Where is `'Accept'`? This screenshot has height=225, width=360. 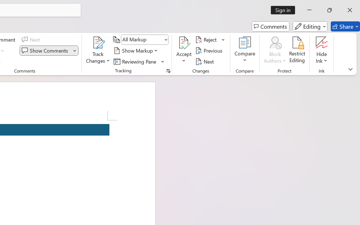
'Accept' is located at coordinates (184, 50).